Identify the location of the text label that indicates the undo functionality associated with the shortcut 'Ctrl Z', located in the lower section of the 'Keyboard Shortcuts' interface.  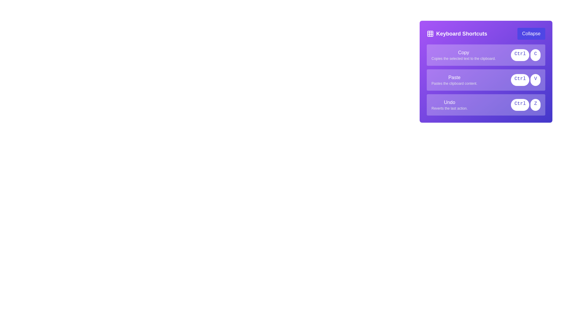
(449, 102).